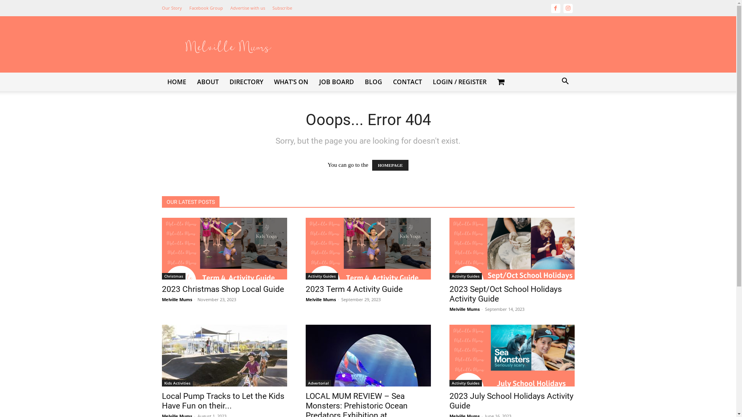 The width and height of the screenshot is (742, 417). What do you see at coordinates (224, 249) in the screenshot?
I see `'2023 Christmas Shop Local Guide'` at bounding box center [224, 249].